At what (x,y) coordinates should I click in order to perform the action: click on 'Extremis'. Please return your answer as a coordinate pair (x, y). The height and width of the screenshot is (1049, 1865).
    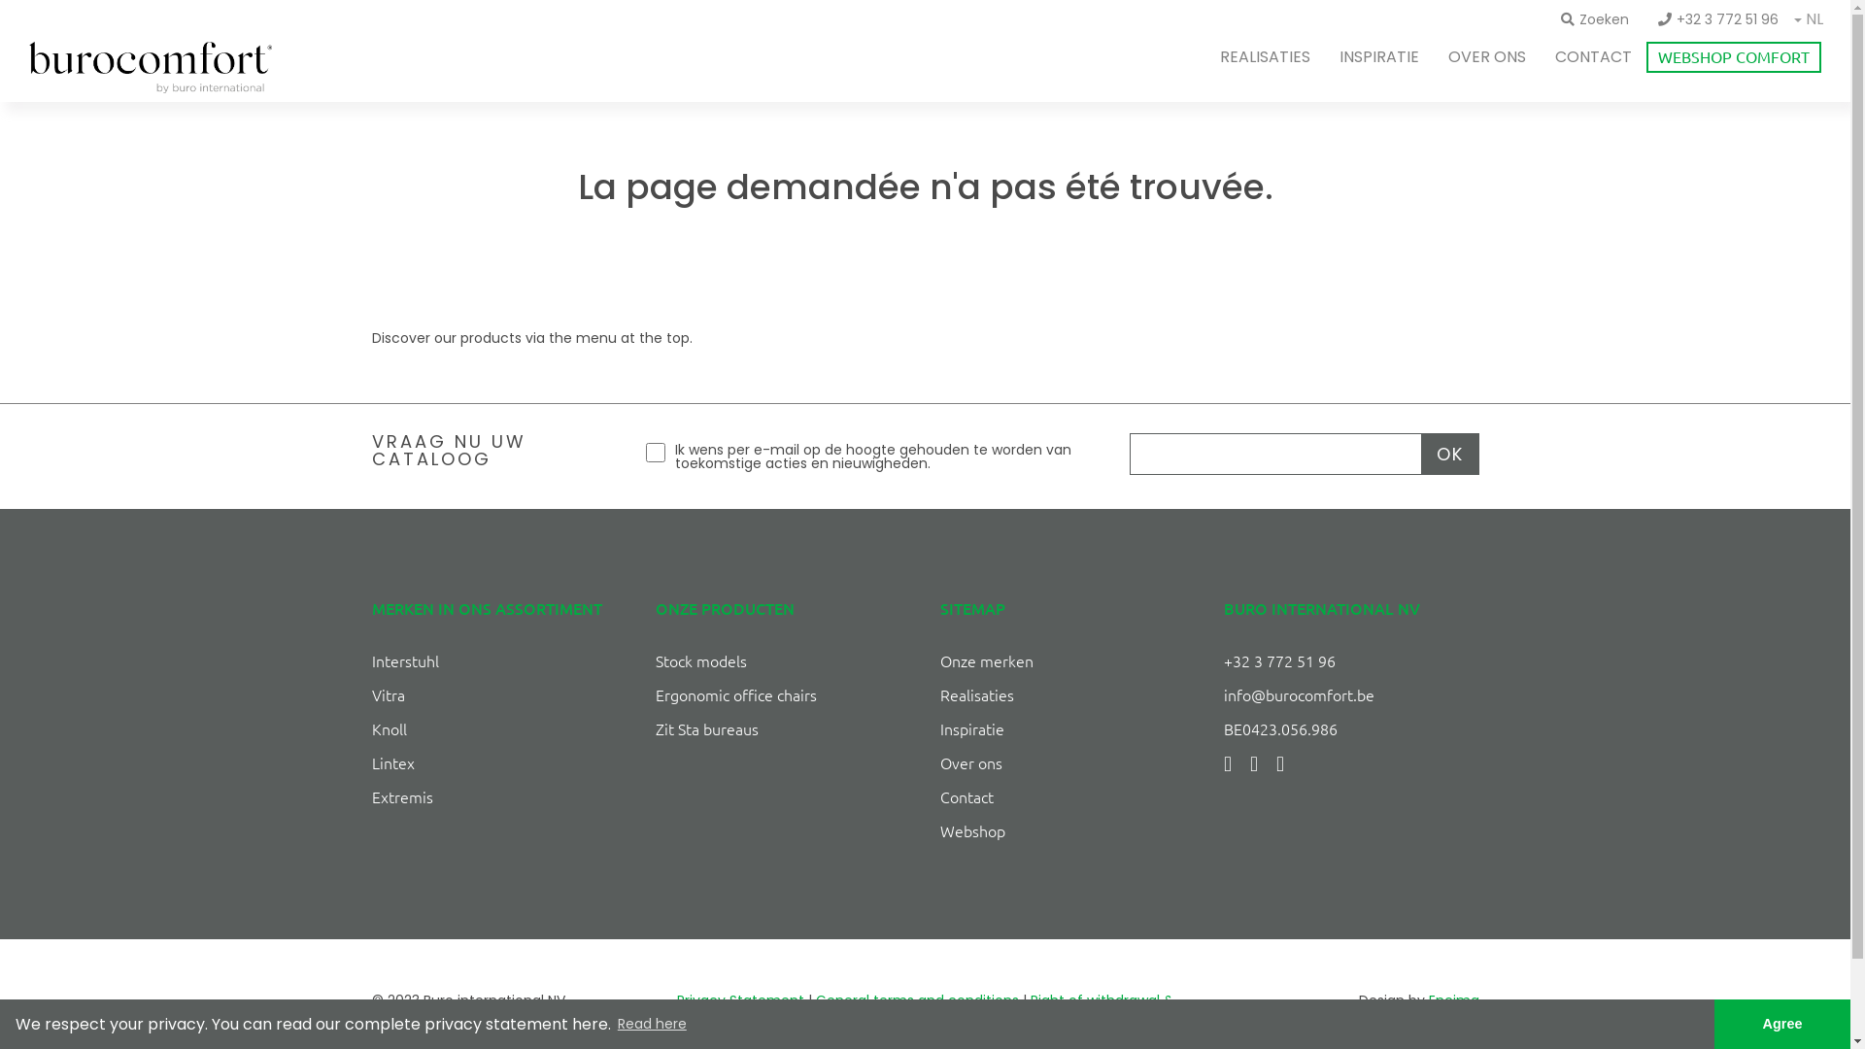
    Looking at the image, I should click on (400, 796).